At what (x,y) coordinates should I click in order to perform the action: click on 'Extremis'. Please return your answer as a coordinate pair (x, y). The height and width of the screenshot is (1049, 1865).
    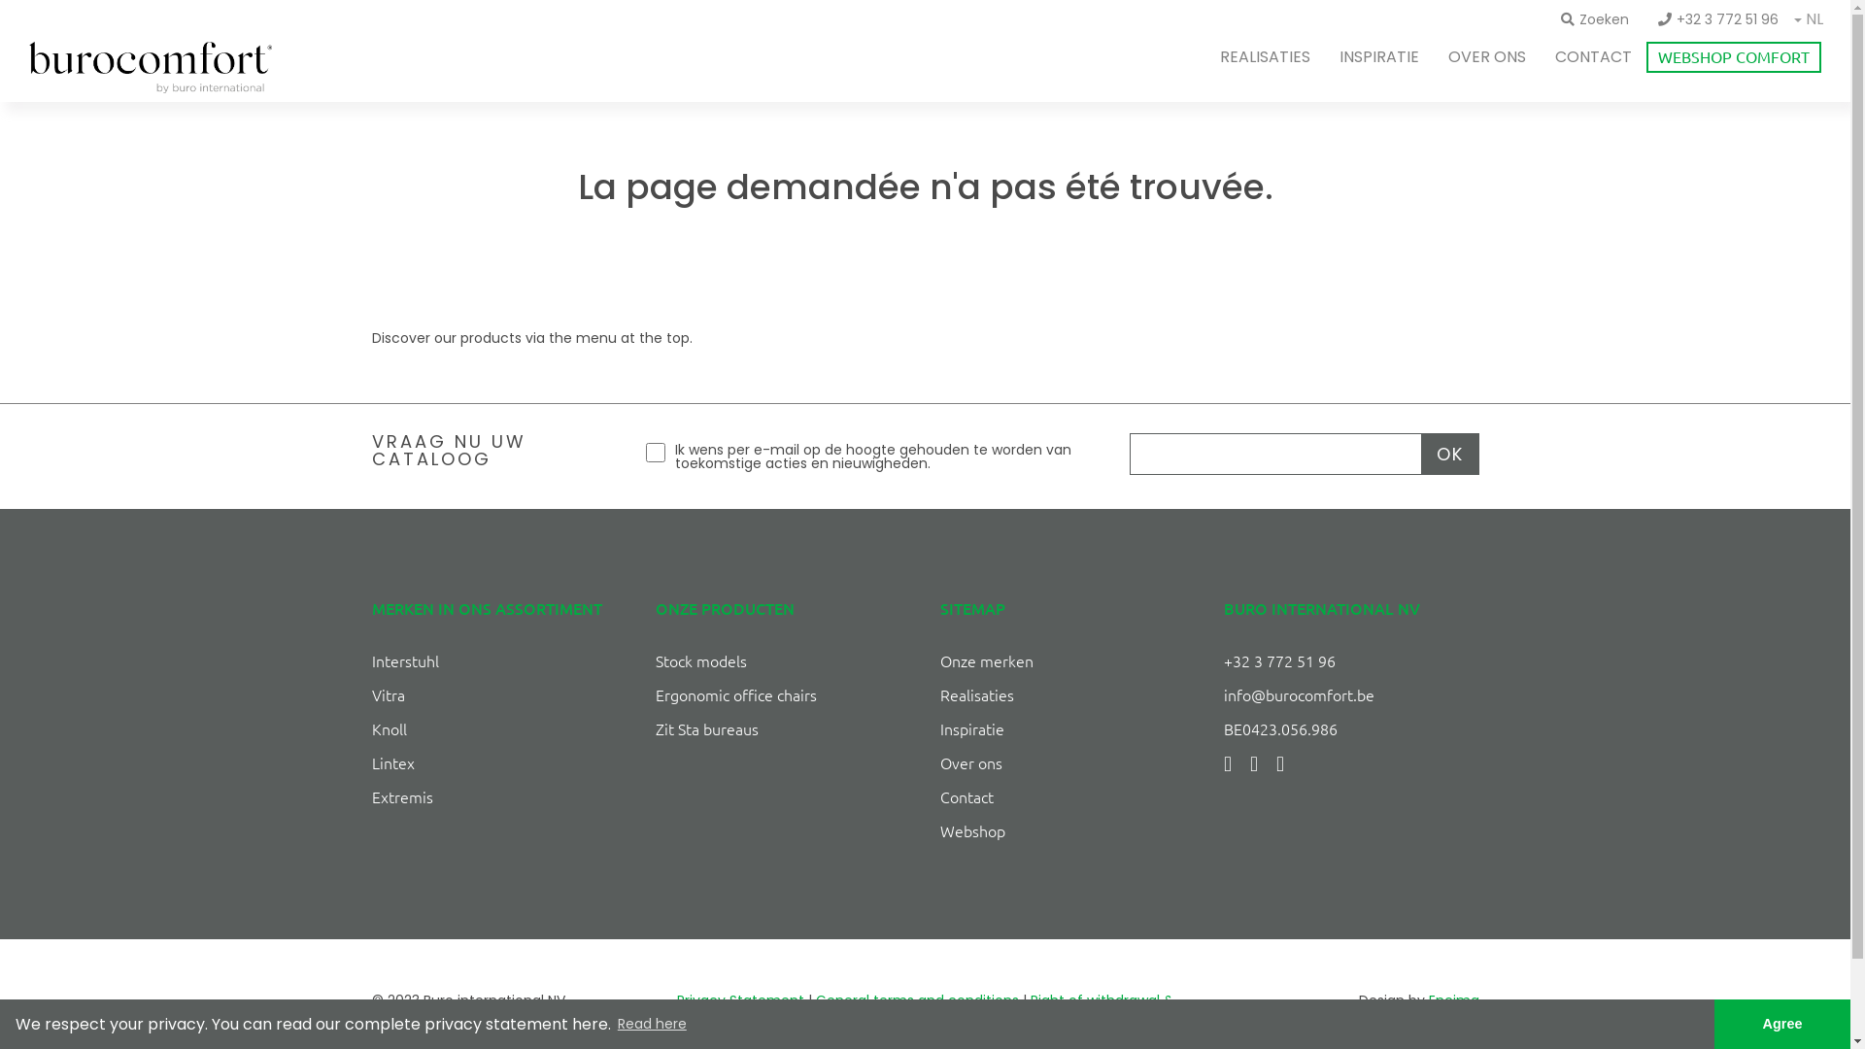
    Looking at the image, I should click on (400, 796).